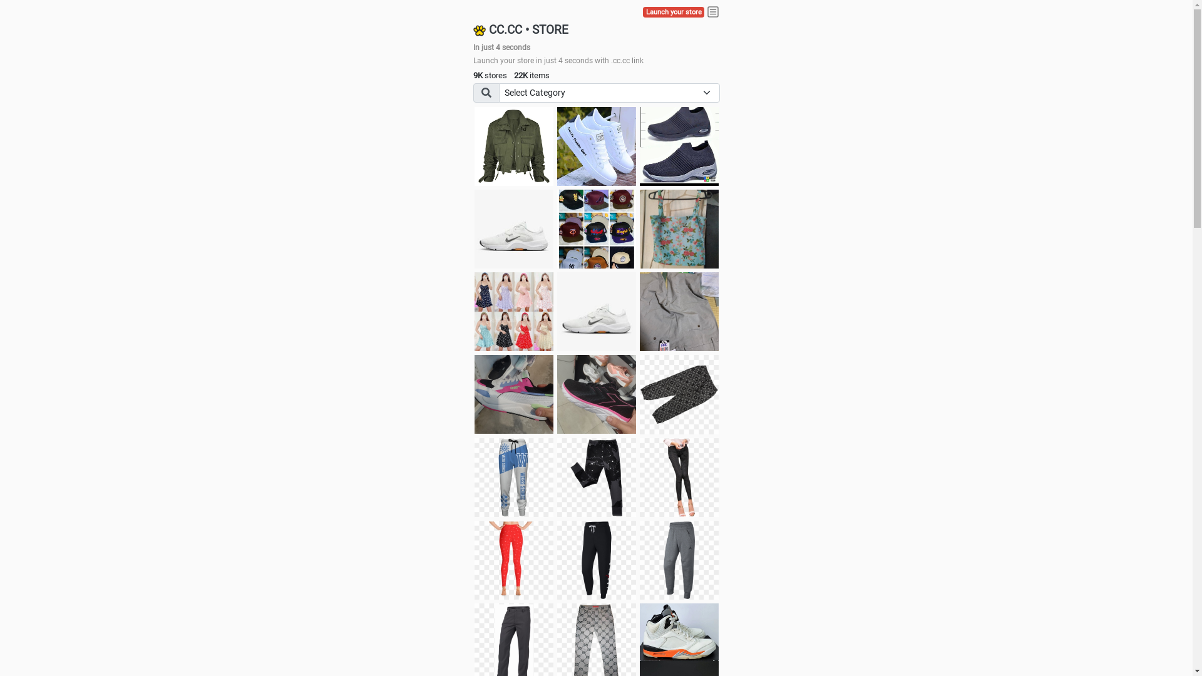  Describe the element at coordinates (474, 229) in the screenshot. I see `'Shoes for boys'` at that location.